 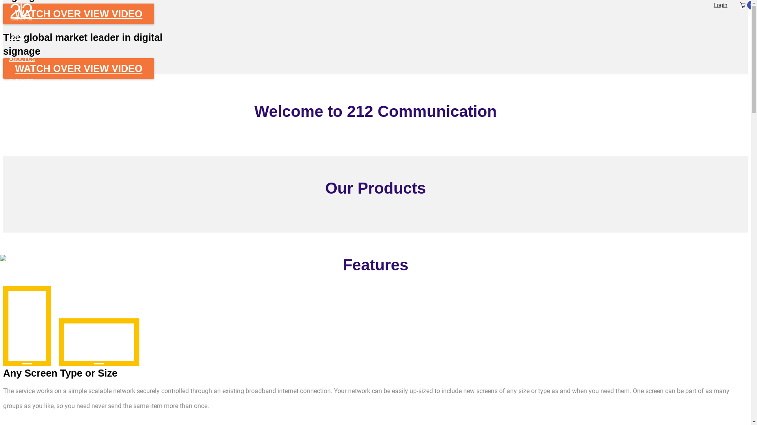 I want to click on '0', so click(x=734, y=6).